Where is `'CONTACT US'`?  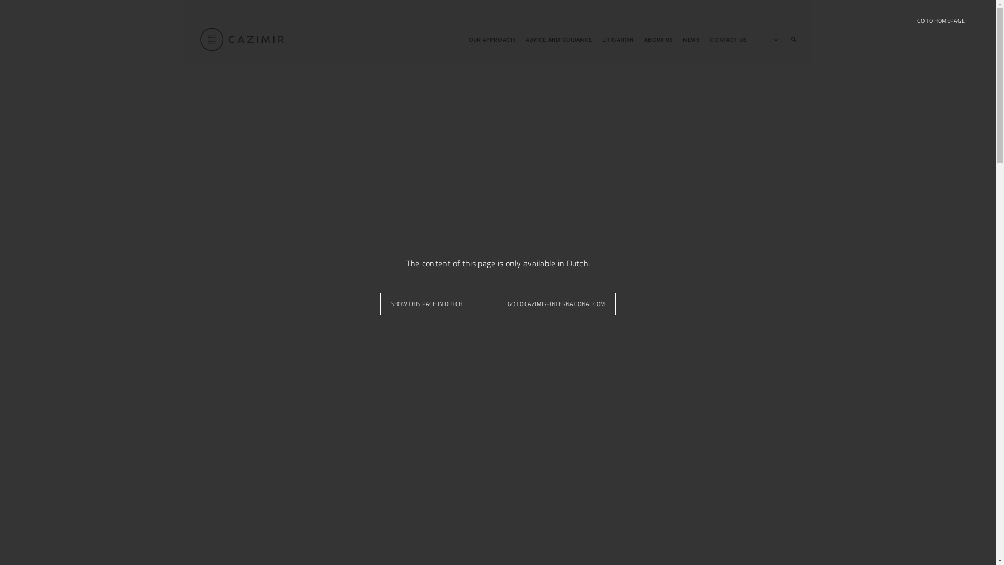 'CONTACT US' is located at coordinates (727, 38).